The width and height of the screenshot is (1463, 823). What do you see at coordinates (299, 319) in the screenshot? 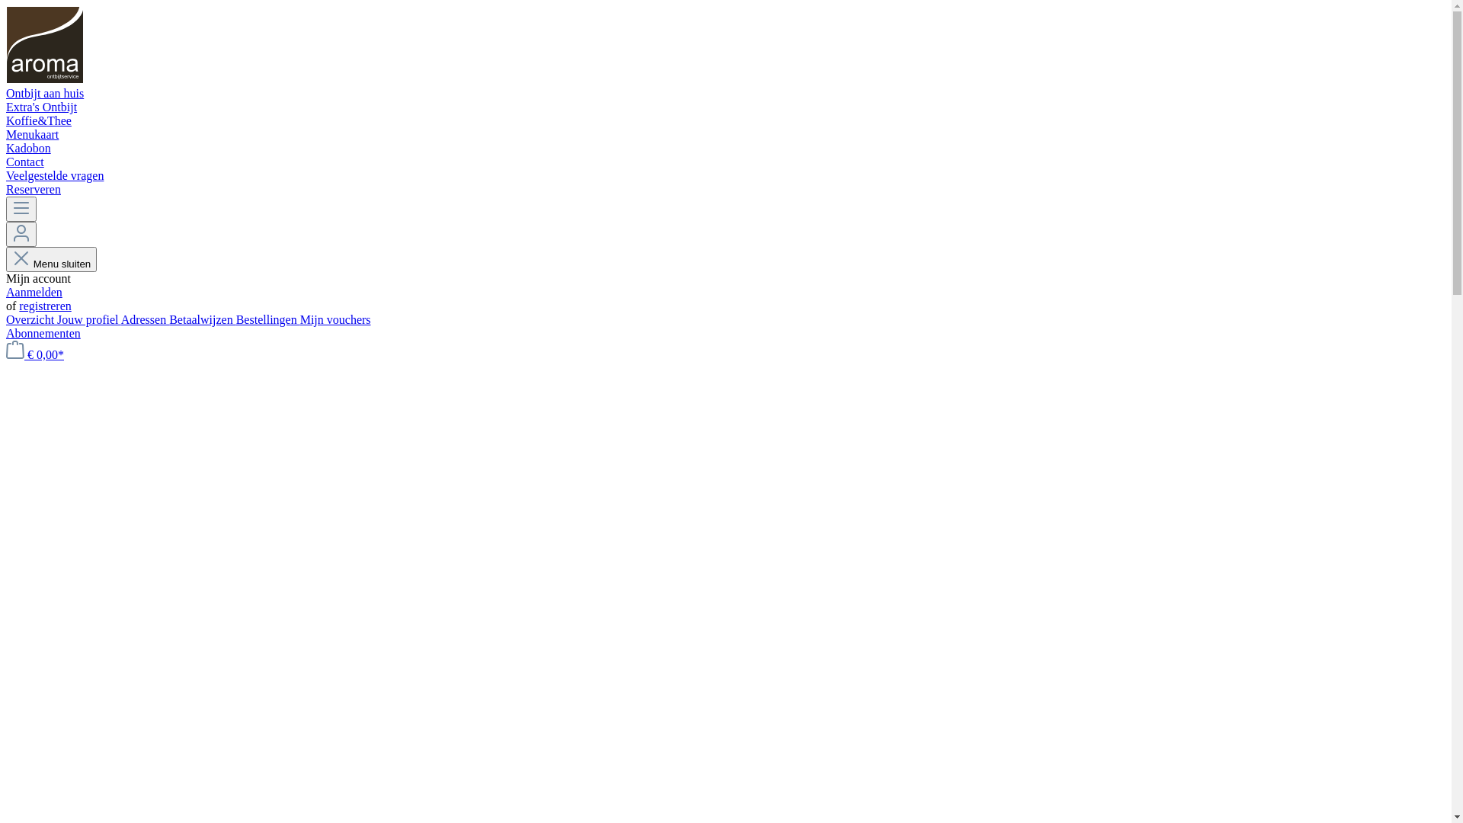
I see `'Mijn vouchers'` at bounding box center [299, 319].